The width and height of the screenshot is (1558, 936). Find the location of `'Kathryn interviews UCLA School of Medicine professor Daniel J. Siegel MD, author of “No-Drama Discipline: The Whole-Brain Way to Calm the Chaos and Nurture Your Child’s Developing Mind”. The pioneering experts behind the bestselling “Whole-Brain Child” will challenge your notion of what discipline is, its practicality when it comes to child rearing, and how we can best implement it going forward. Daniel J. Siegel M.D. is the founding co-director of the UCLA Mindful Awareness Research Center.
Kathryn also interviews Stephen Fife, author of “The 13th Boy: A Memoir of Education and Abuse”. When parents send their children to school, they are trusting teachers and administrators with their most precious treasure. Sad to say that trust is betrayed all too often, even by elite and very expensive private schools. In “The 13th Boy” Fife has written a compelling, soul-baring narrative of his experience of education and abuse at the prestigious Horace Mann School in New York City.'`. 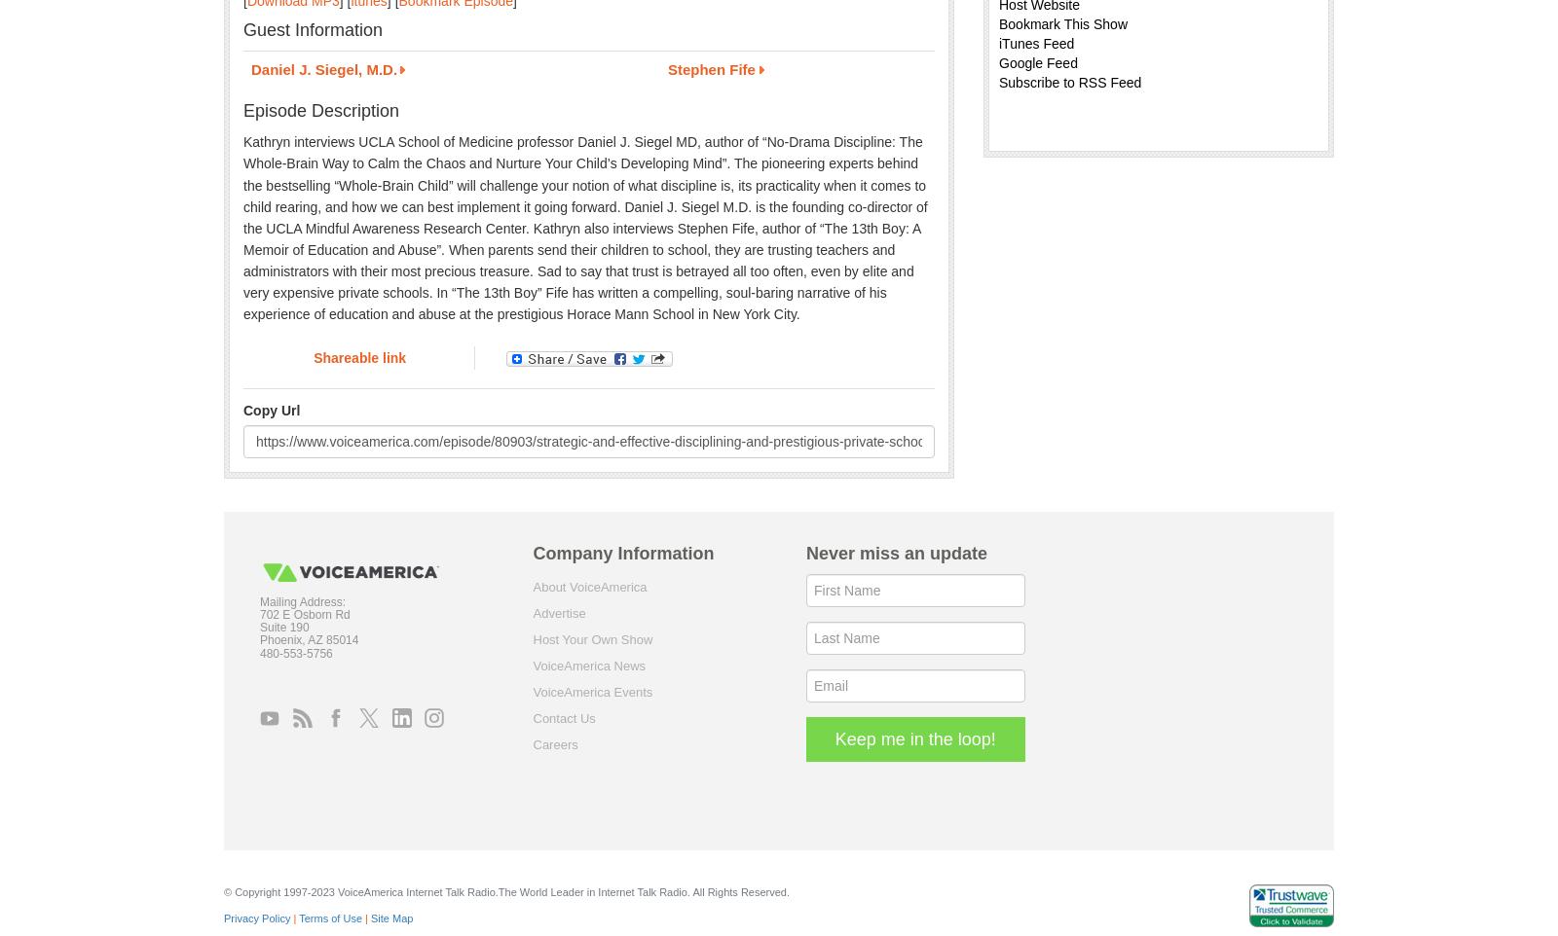

'Kathryn interviews UCLA School of Medicine professor Daniel J. Siegel MD, author of “No-Drama Discipline: The Whole-Brain Way to Calm the Chaos and Nurture Your Child’s Developing Mind”. The pioneering experts behind the bestselling “Whole-Brain Child” will challenge your notion of what discipline is, its practicality when it comes to child rearing, and how we can best implement it going forward. Daniel J. Siegel M.D. is the founding co-director of the UCLA Mindful Awareness Research Center.
Kathryn also interviews Stephen Fife, author of “The 13th Boy: A Memoir of Education and Abuse”. When parents send their children to school, they are trusting teachers and administrators with their most precious treasure. Sad to say that trust is betrayed all too often, even by elite and very expensive private schools. In “The 13th Boy” Fife has written a compelling, soul-baring narrative of his experience of education and abuse at the prestigious Horace Mann School in New York City.' is located at coordinates (583, 227).